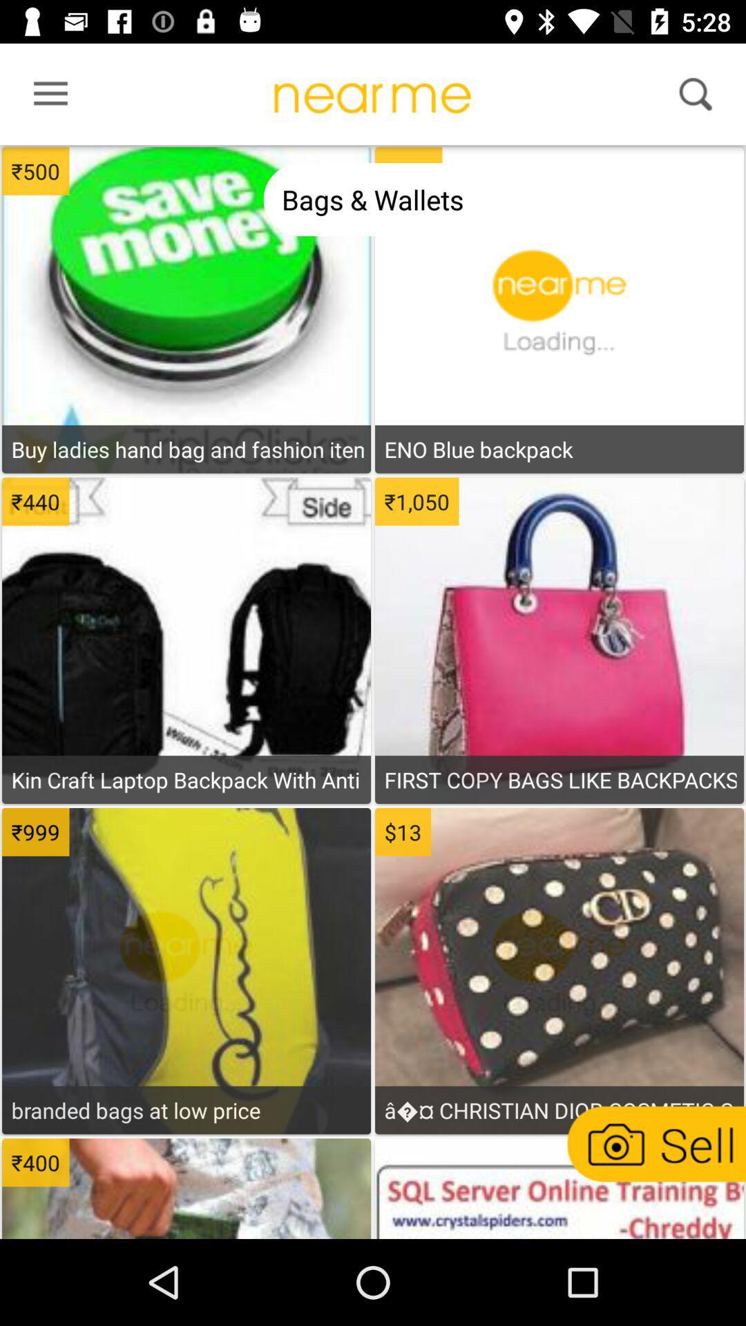 This screenshot has width=746, height=1326. What do you see at coordinates (558, 1190) in the screenshot?
I see `share the article` at bounding box center [558, 1190].